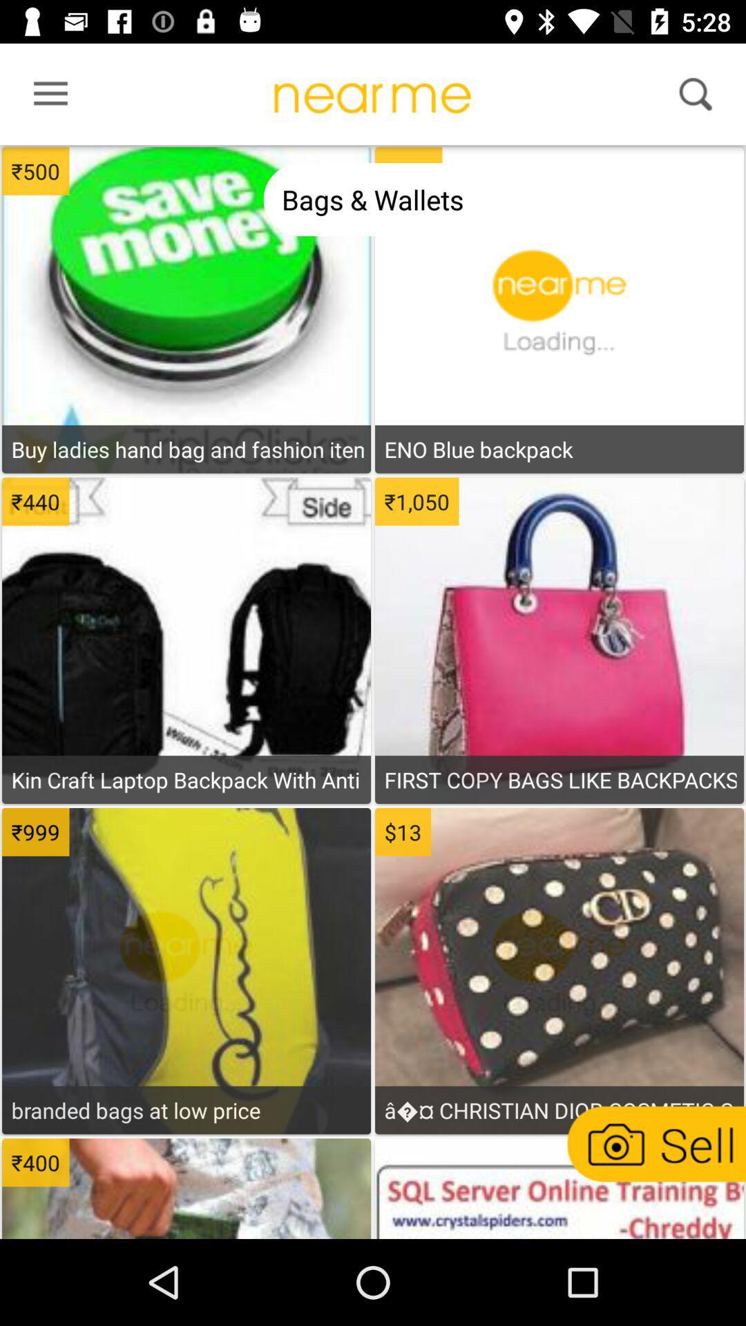 This screenshot has width=746, height=1326. What do you see at coordinates (558, 1190) in the screenshot?
I see `share the article` at bounding box center [558, 1190].